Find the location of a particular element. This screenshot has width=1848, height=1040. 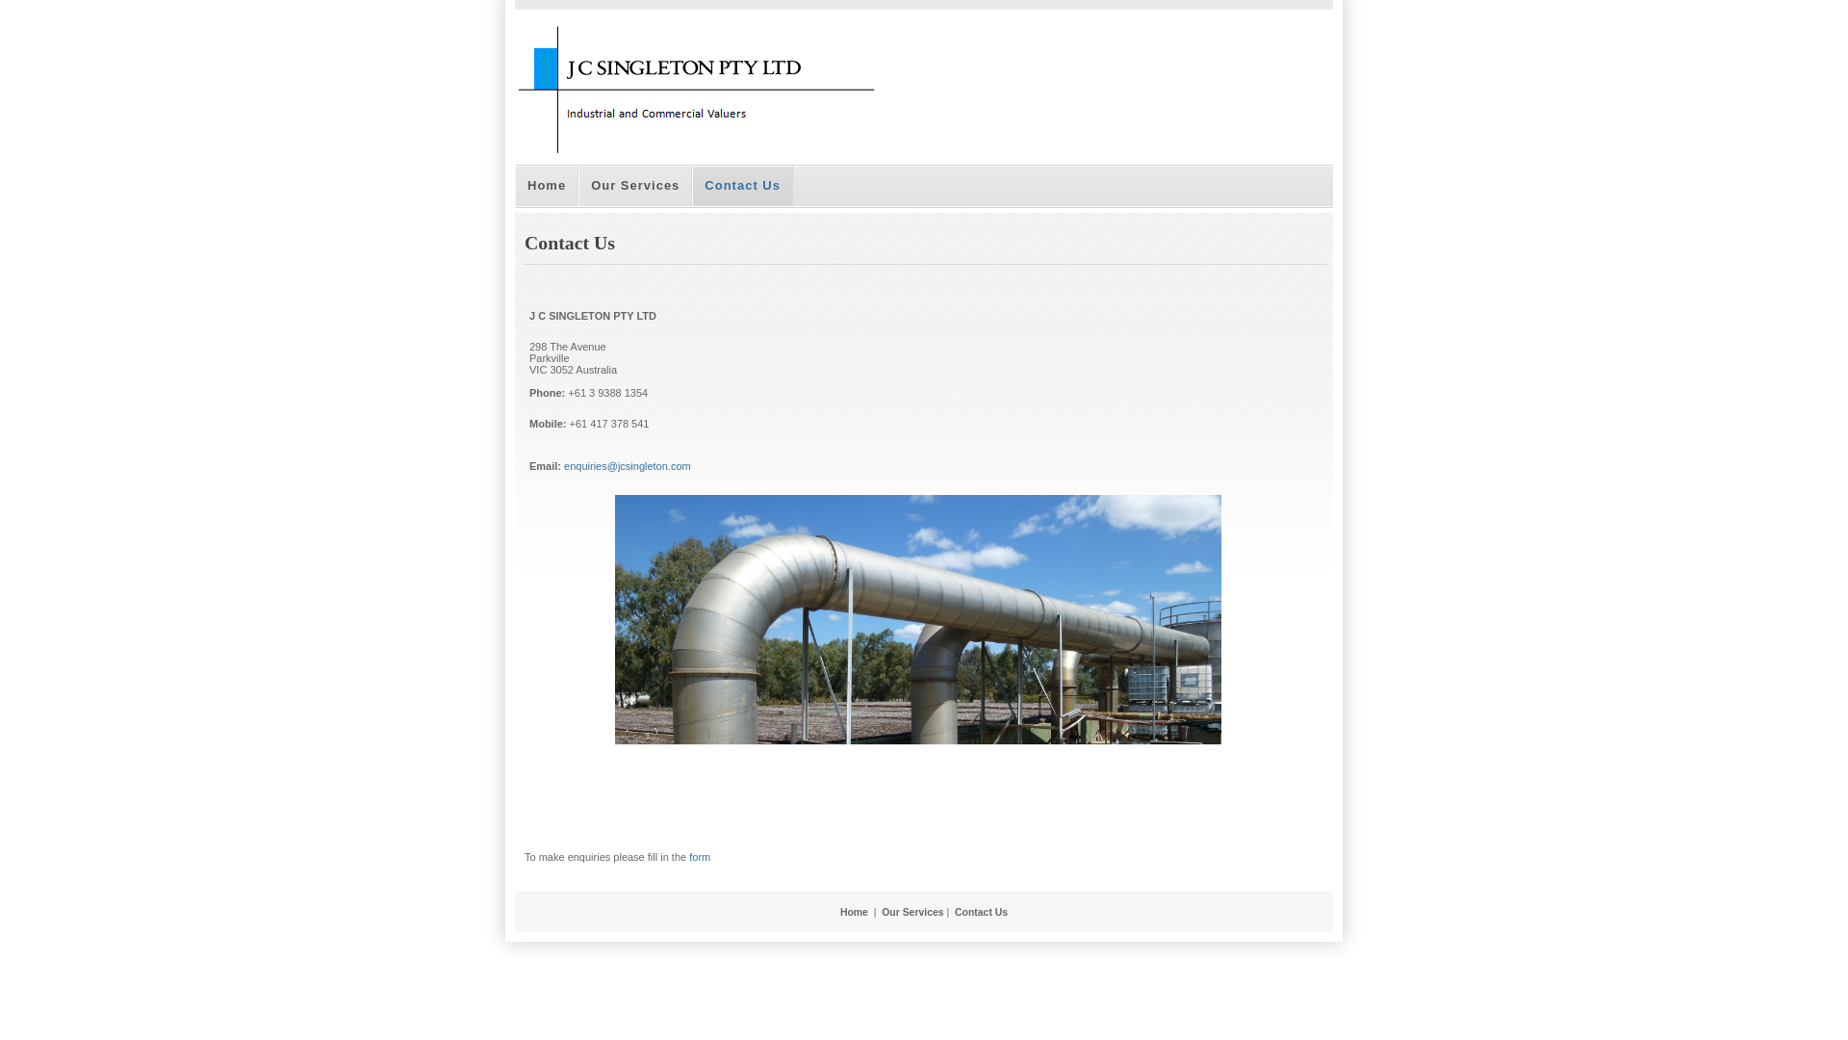

'Contact Us' is located at coordinates (741, 185).